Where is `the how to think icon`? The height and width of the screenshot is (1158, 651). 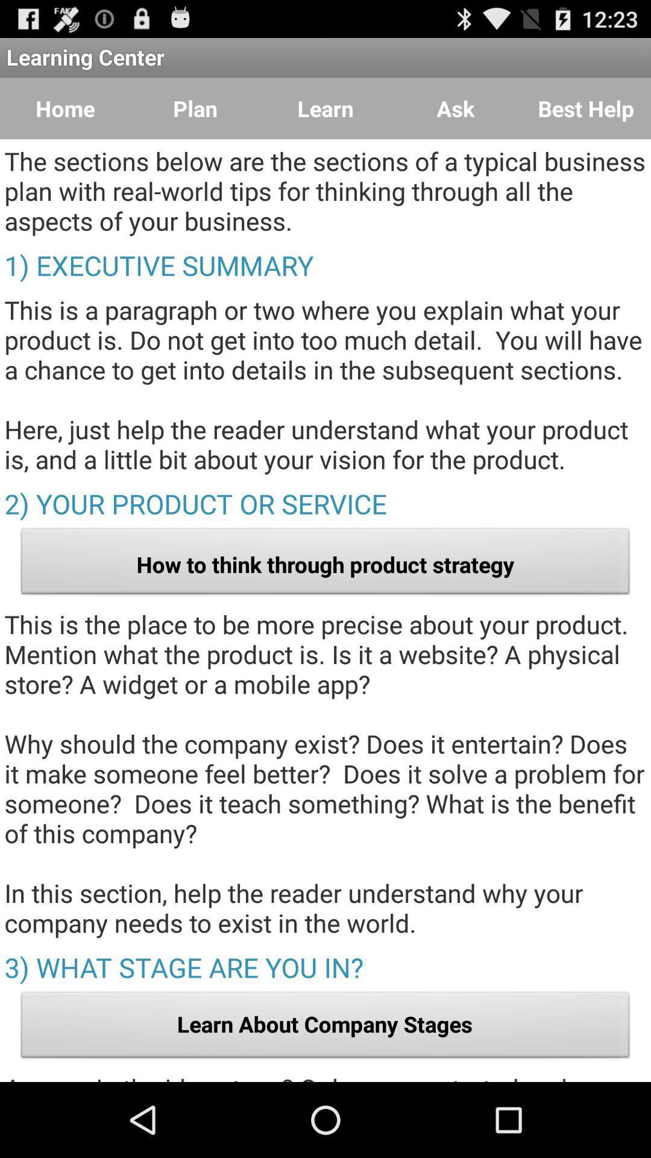
the how to think icon is located at coordinates (325, 564).